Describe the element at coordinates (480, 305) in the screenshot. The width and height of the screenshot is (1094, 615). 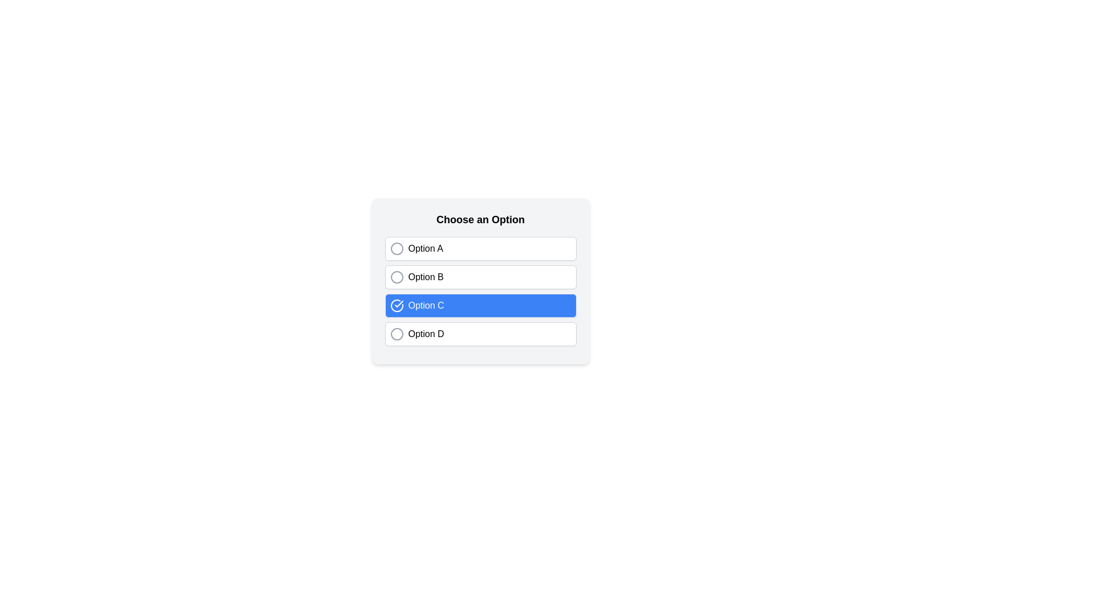
I see `the third option button in the vertical list of choices` at that location.